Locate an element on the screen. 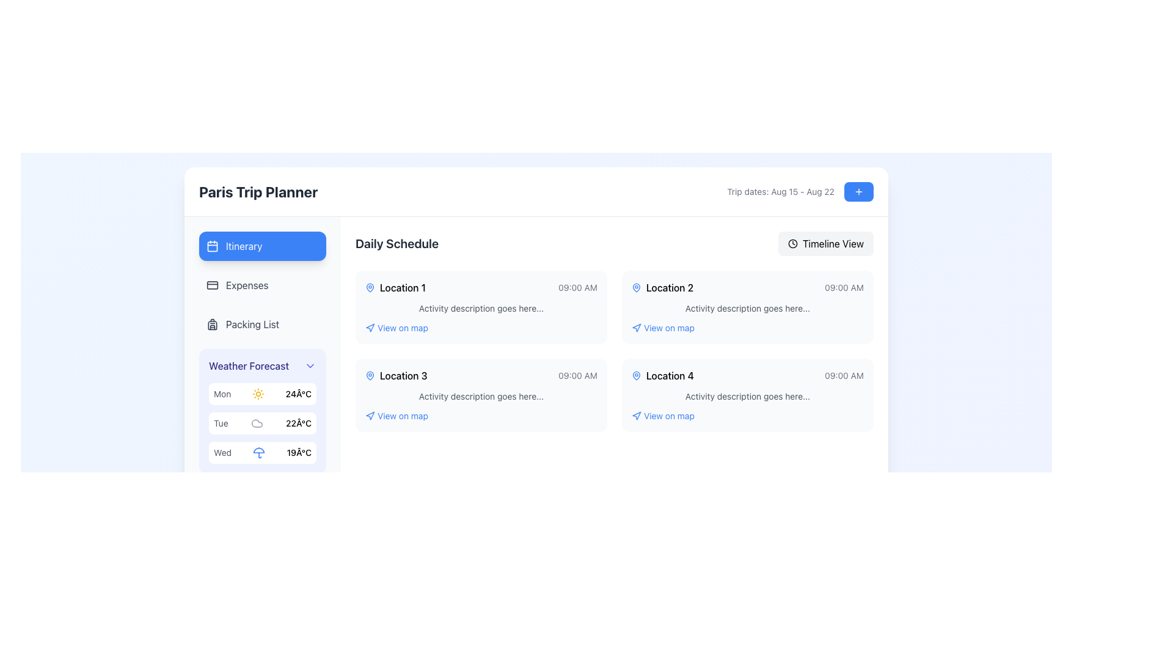 The width and height of the screenshot is (1173, 660). the decorative map pin icon within the Daily Schedule section of the 'Location 3' card, which visually represents a location label is located at coordinates (369, 374).